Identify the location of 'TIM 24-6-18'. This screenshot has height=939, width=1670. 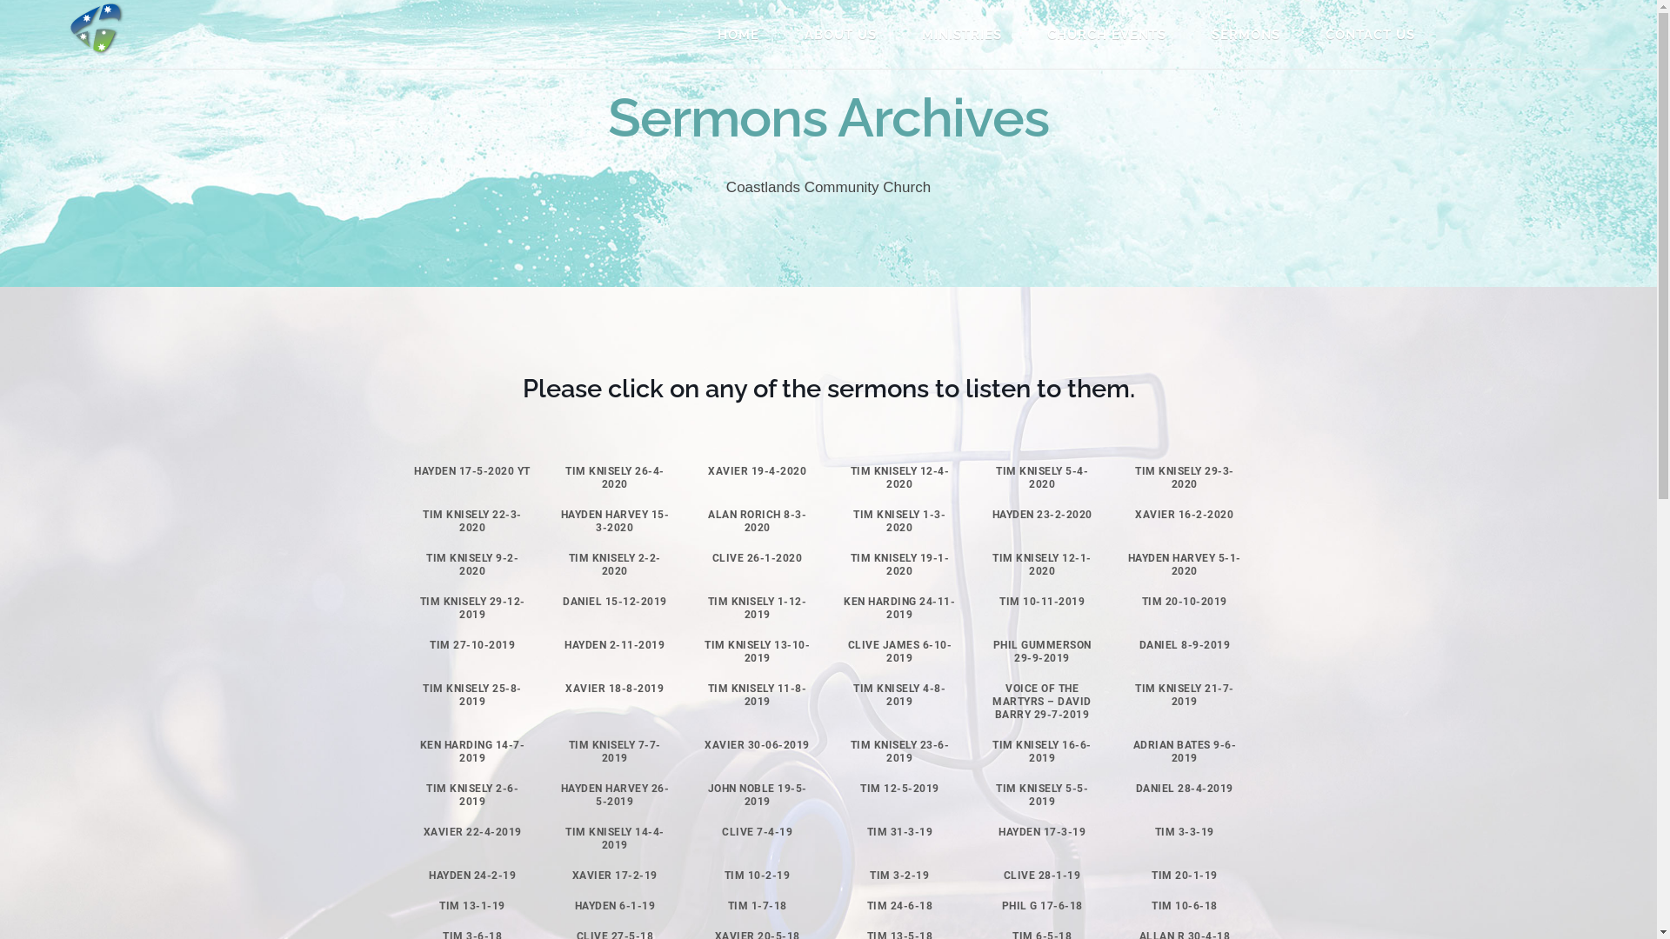
(900, 904).